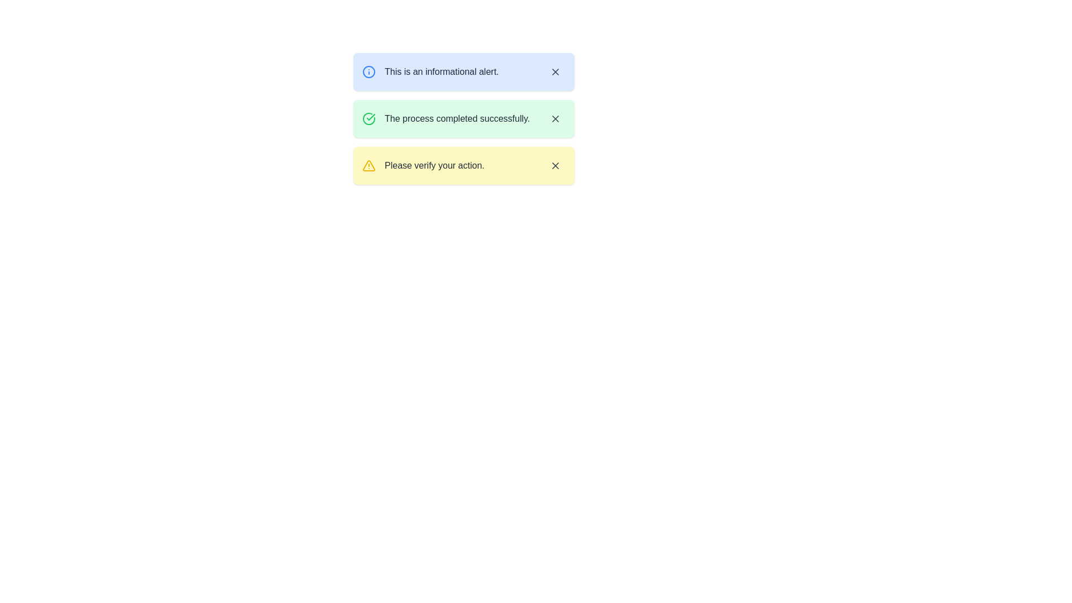  Describe the element at coordinates (369, 118) in the screenshot. I see `the green checkmark icon in the success alert box that indicates the process has completed successfully` at that location.